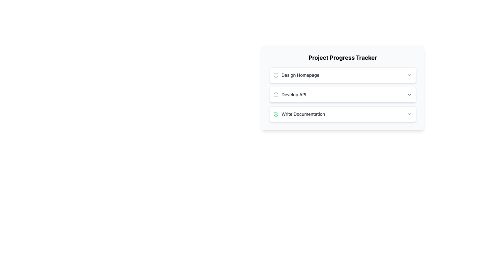  Describe the element at coordinates (409, 114) in the screenshot. I see `the Dropdown Toggle Icon located to the far right of the 'Write Documentation' text to provide visual feedback` at that location.